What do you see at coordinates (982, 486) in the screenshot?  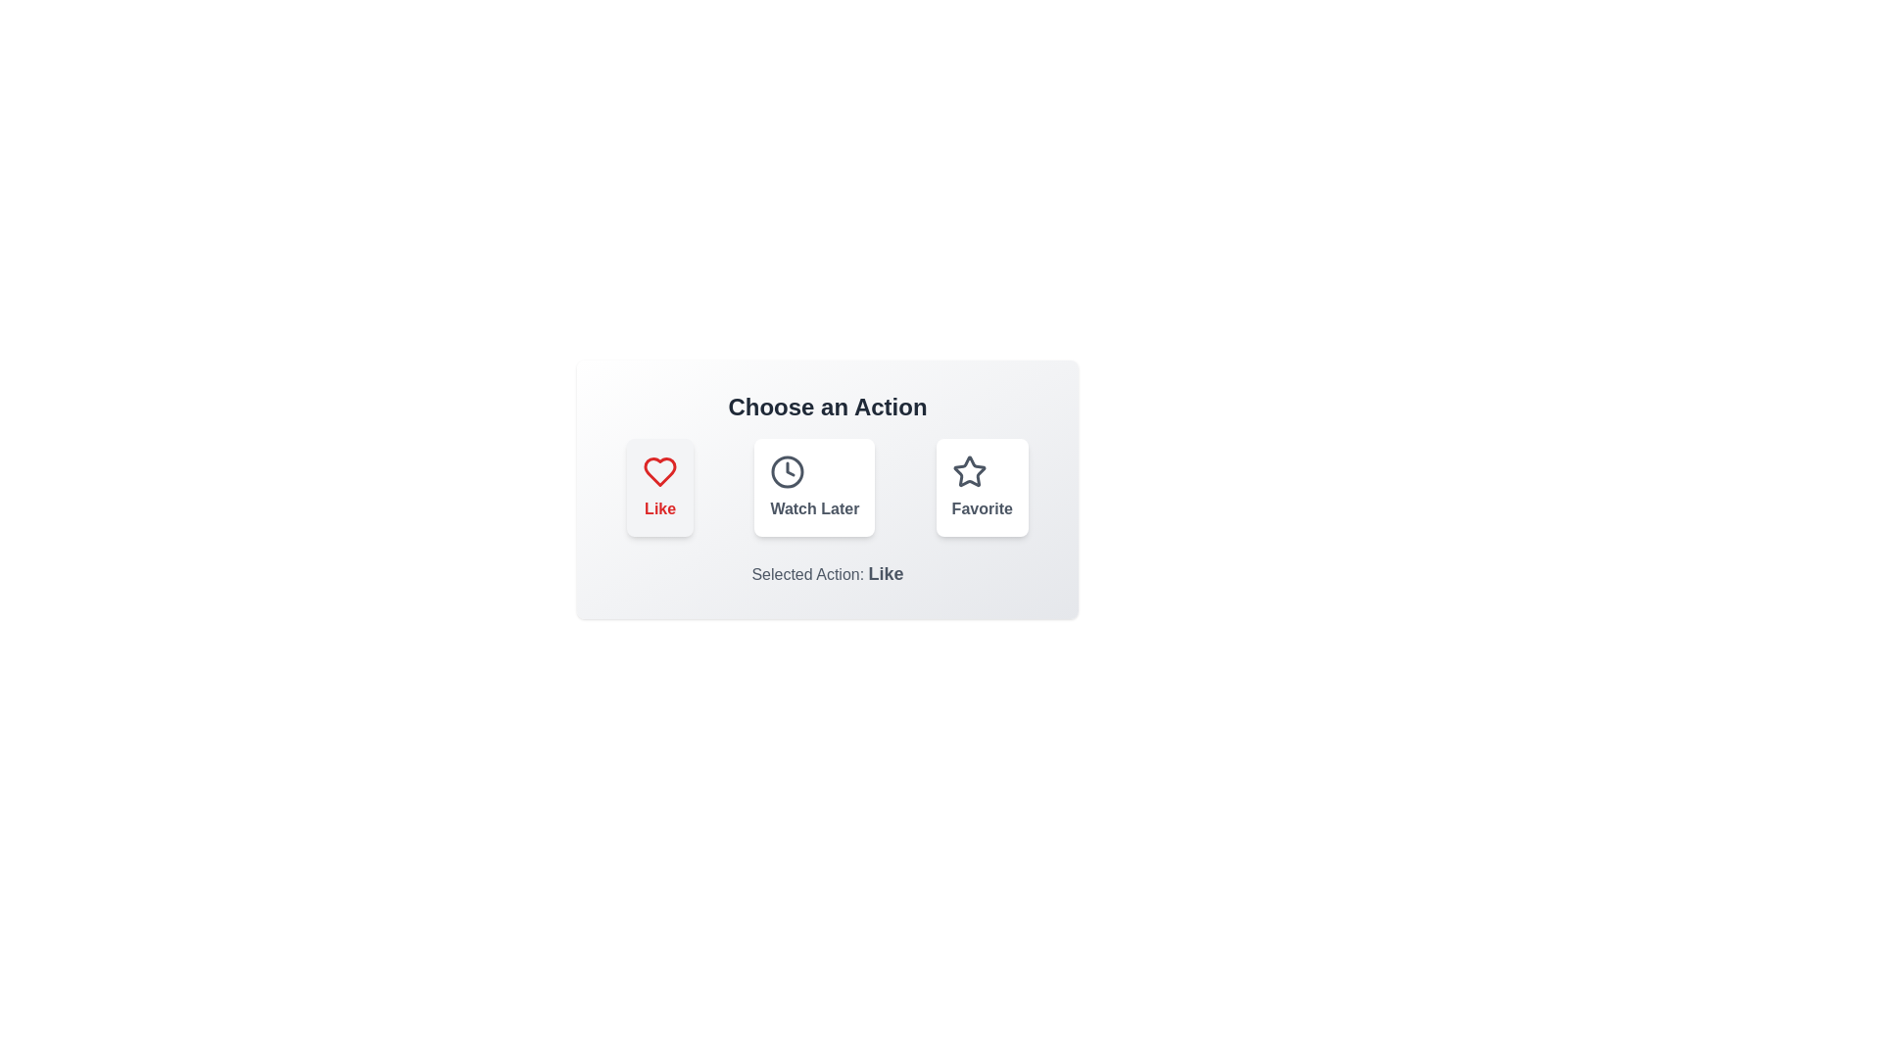 I see `the 'Favorite' button to select it` at bounding box center [982, 486].